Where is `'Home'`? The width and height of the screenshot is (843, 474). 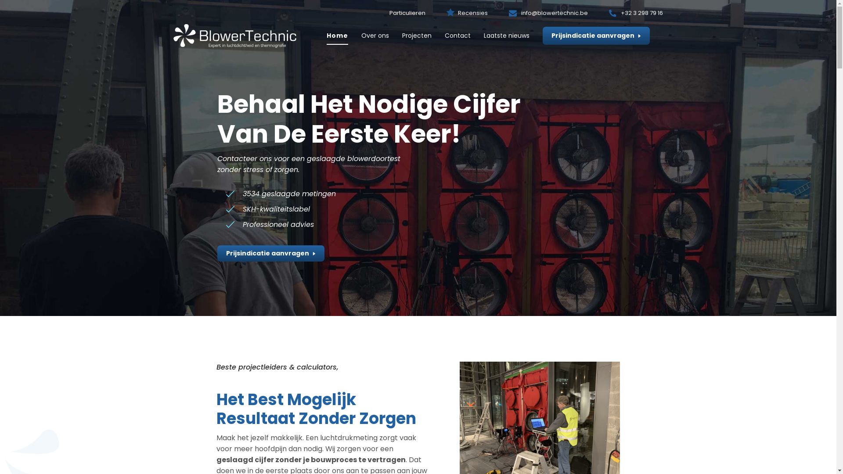
'Home' is located at coordinates (326, 35).